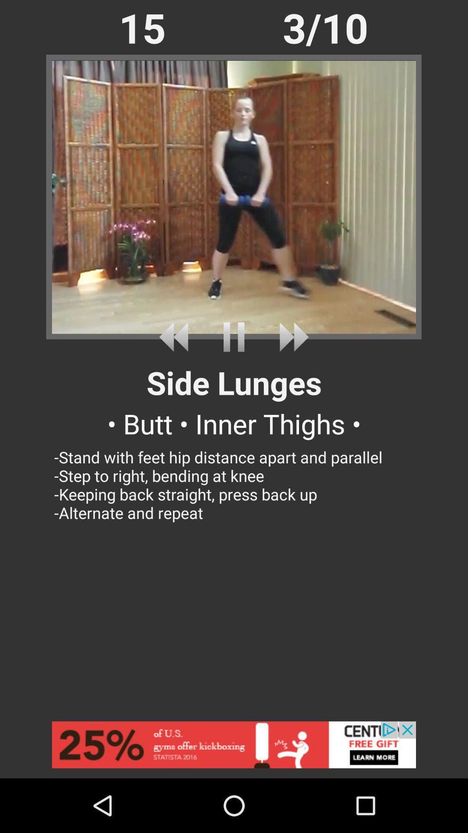  I want to click on next, so click(291, 337).